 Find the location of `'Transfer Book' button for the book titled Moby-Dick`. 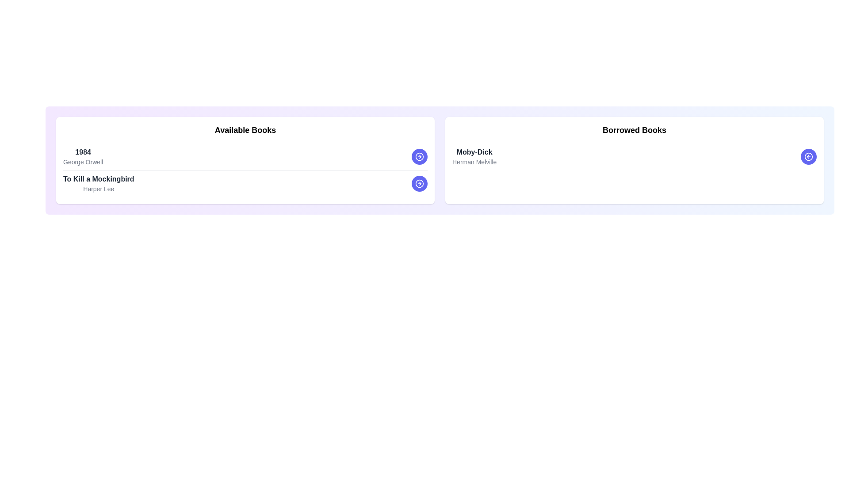

'Transfer Book' button for the book titled Moby-Dick is located at coordinates (808, 156).